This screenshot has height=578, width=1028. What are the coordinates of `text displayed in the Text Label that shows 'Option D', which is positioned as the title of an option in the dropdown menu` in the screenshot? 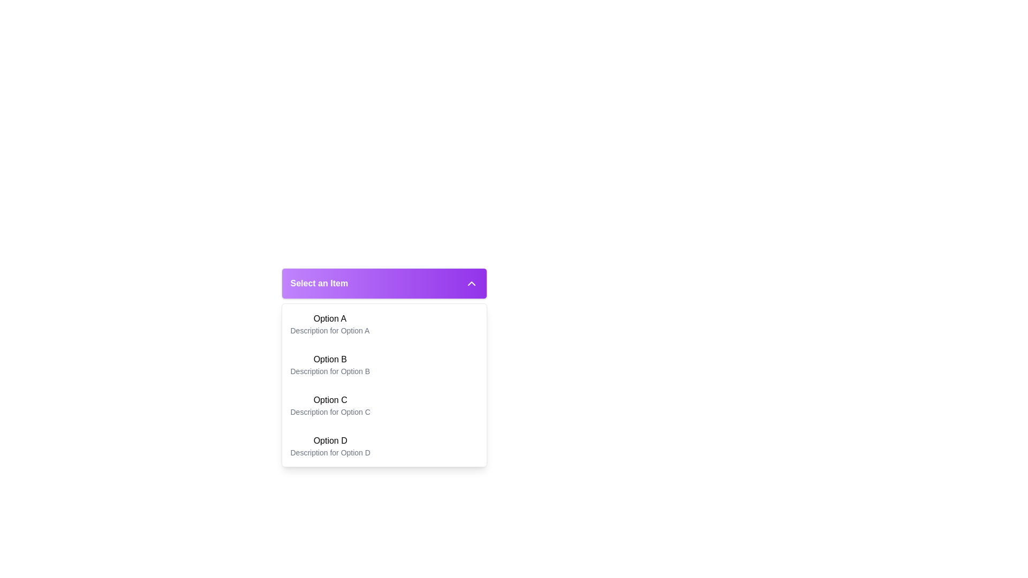 It's located at (330, 441).